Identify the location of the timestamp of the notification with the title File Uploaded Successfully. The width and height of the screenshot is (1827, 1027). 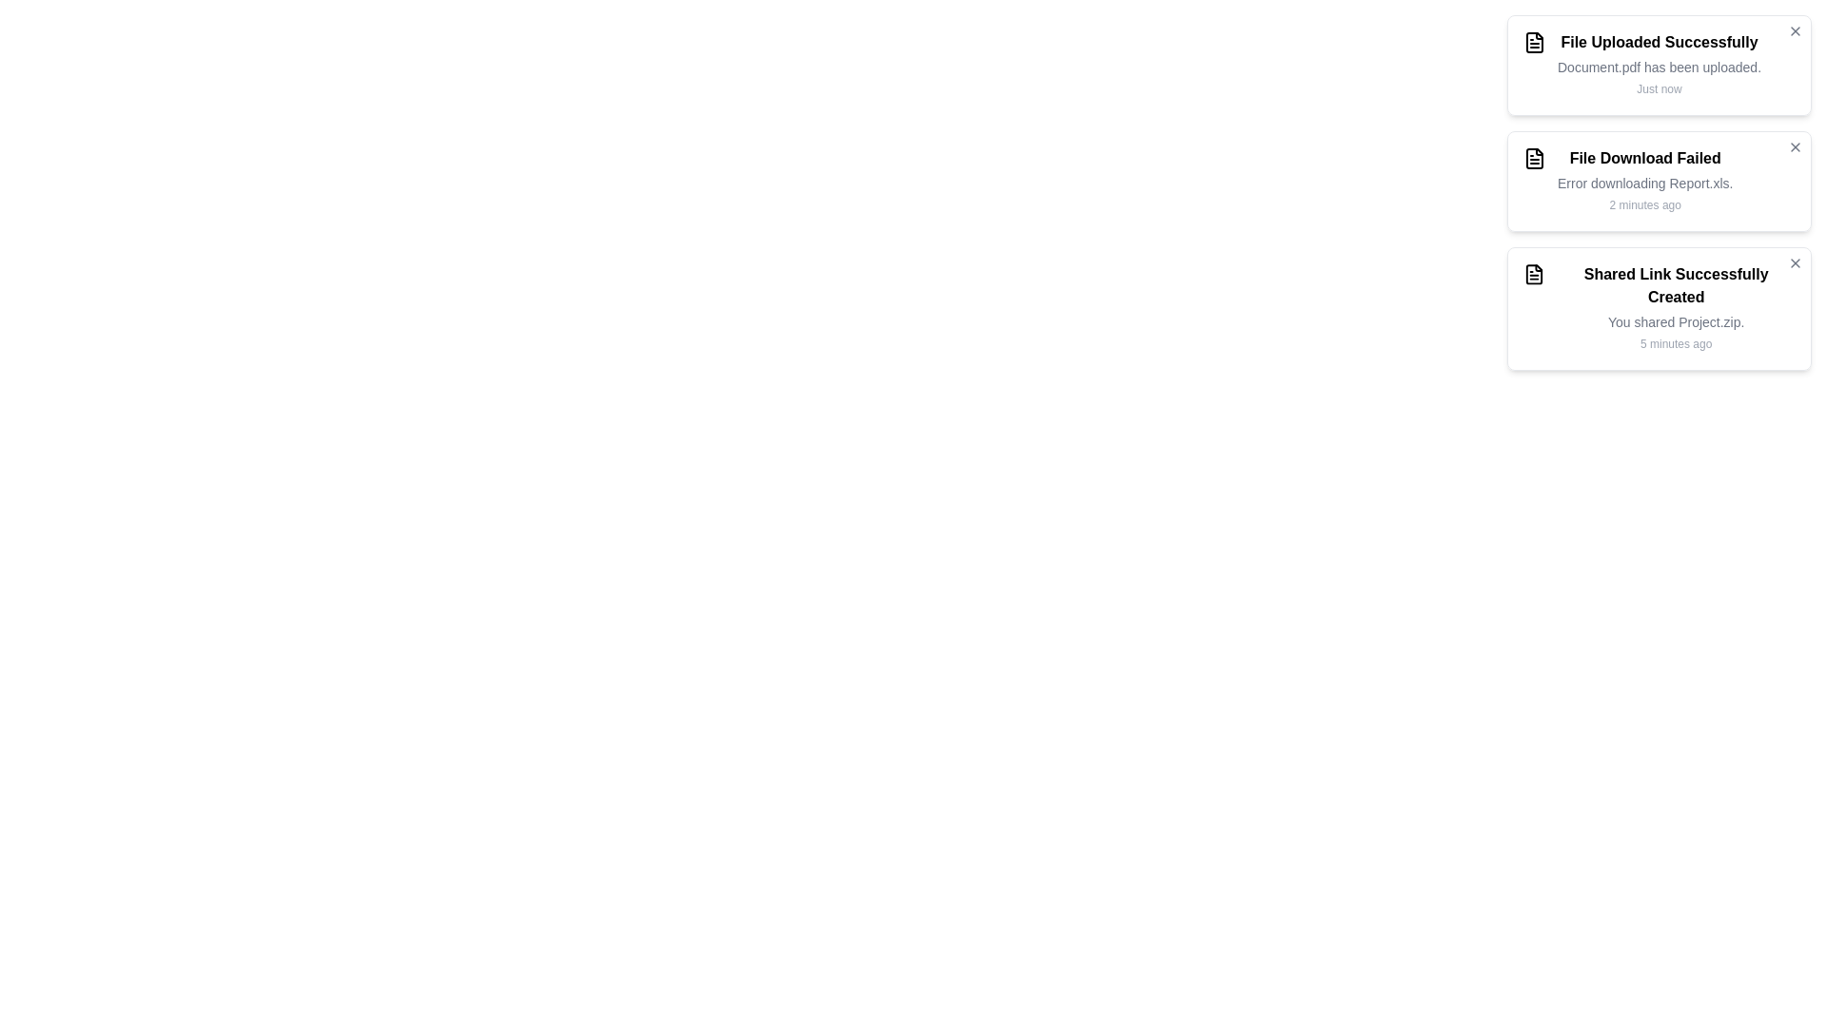
(1658, 88).